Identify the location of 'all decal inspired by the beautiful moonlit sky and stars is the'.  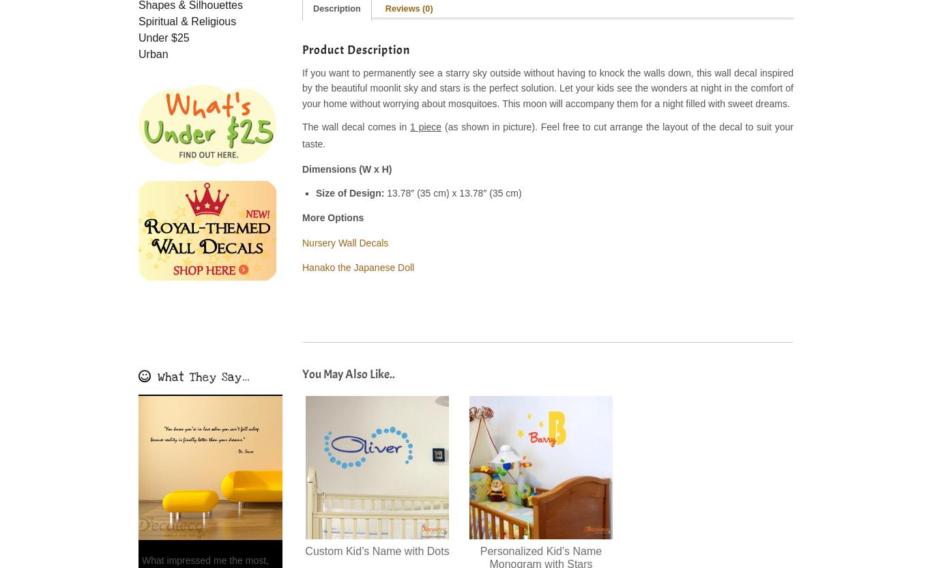
(301, 80).